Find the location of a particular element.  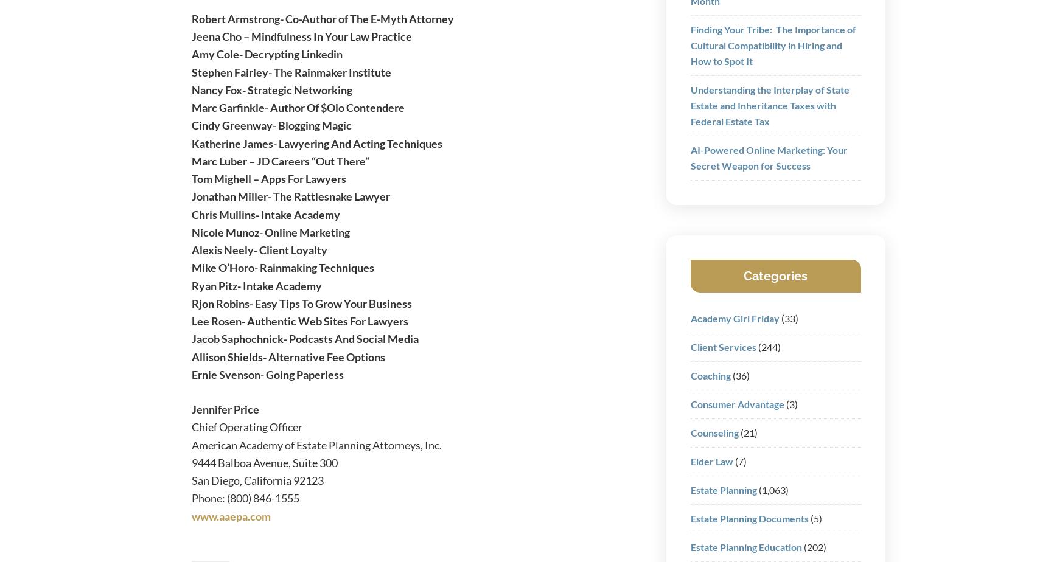

'AI-Powered Online Marketing: Your Secret Weapon for Success' is located at coordinates (768, 157).